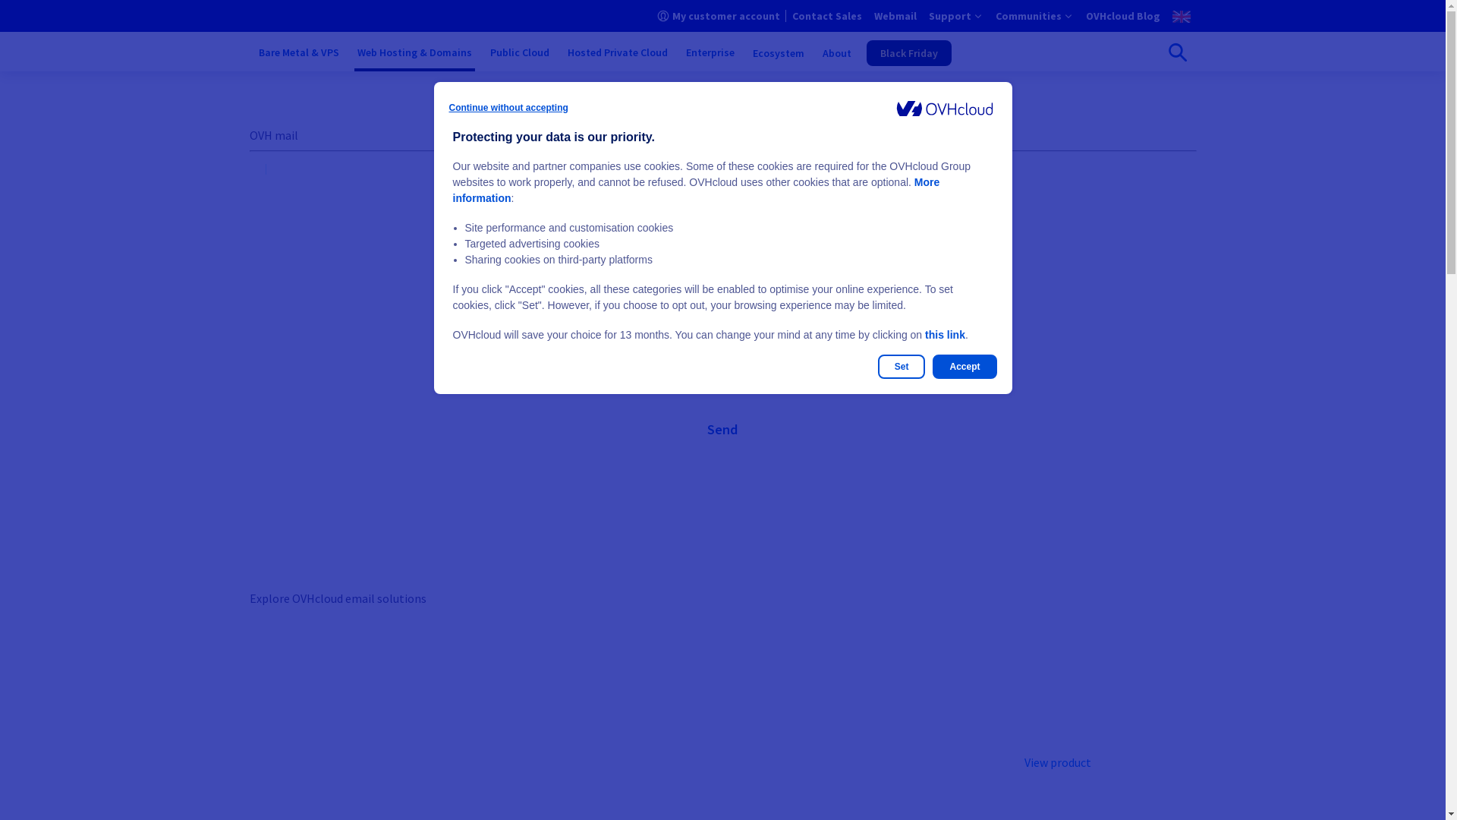  Describe the element at coordinates (721, 430) in the screenshot. I see `'Send'` at that location.